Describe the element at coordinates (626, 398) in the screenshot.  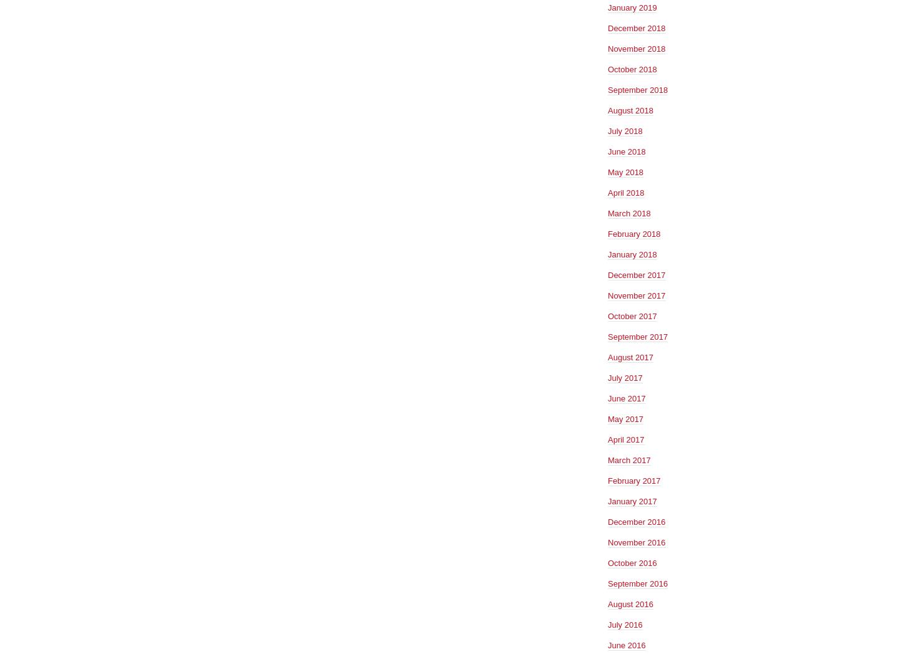
I see `'June 2017'` at that location.